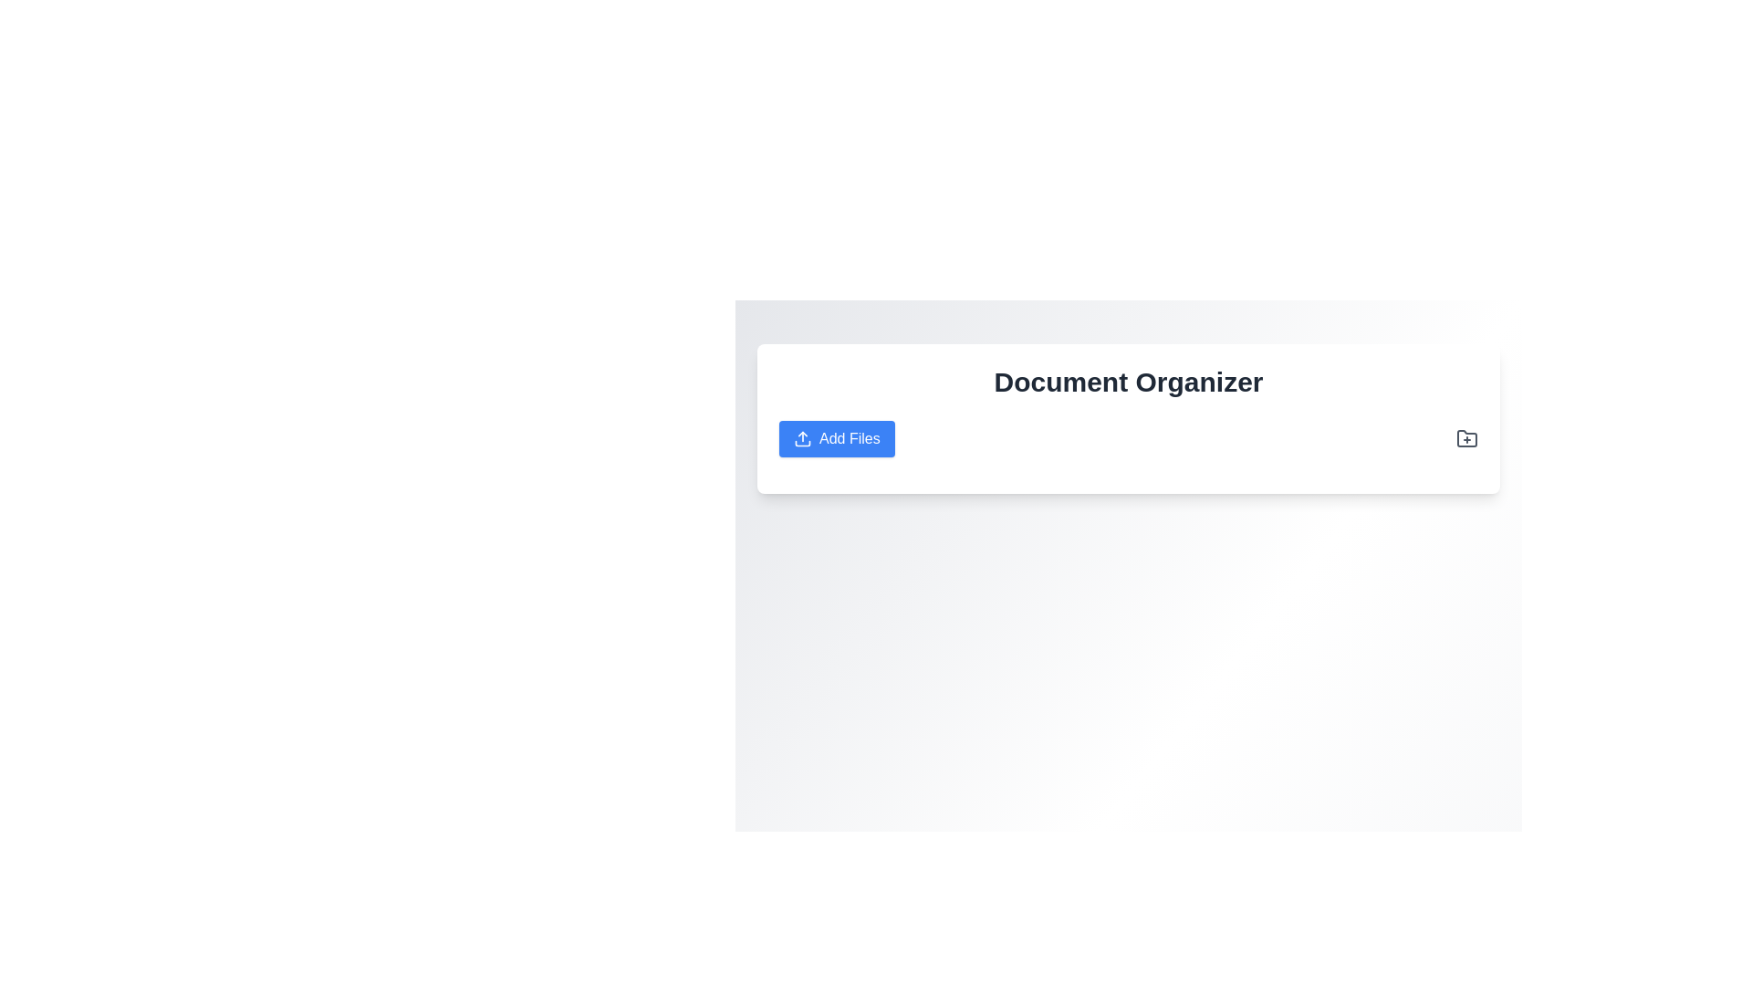 The height and width of the screenshot is (986, 1752). What do you see at coordinates (1467, 437) in the screenshot?
I see `the icon button located in the 'Document Organizer' section at the top right corner` at bounding box center [1467, 437].